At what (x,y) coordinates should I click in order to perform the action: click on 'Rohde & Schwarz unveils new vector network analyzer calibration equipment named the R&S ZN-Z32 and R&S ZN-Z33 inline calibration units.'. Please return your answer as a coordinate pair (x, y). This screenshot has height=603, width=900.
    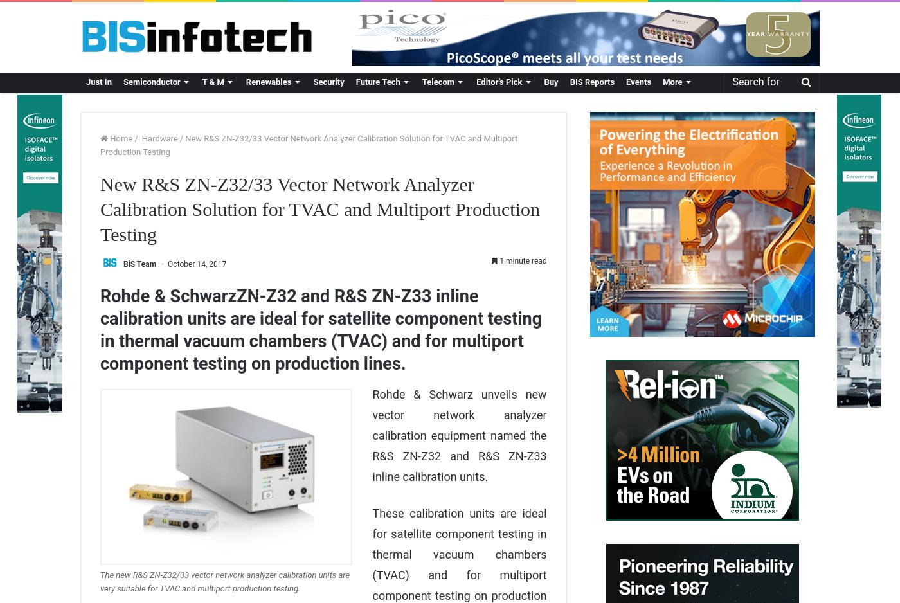
    Looking at the image, I should click on (459, 435).